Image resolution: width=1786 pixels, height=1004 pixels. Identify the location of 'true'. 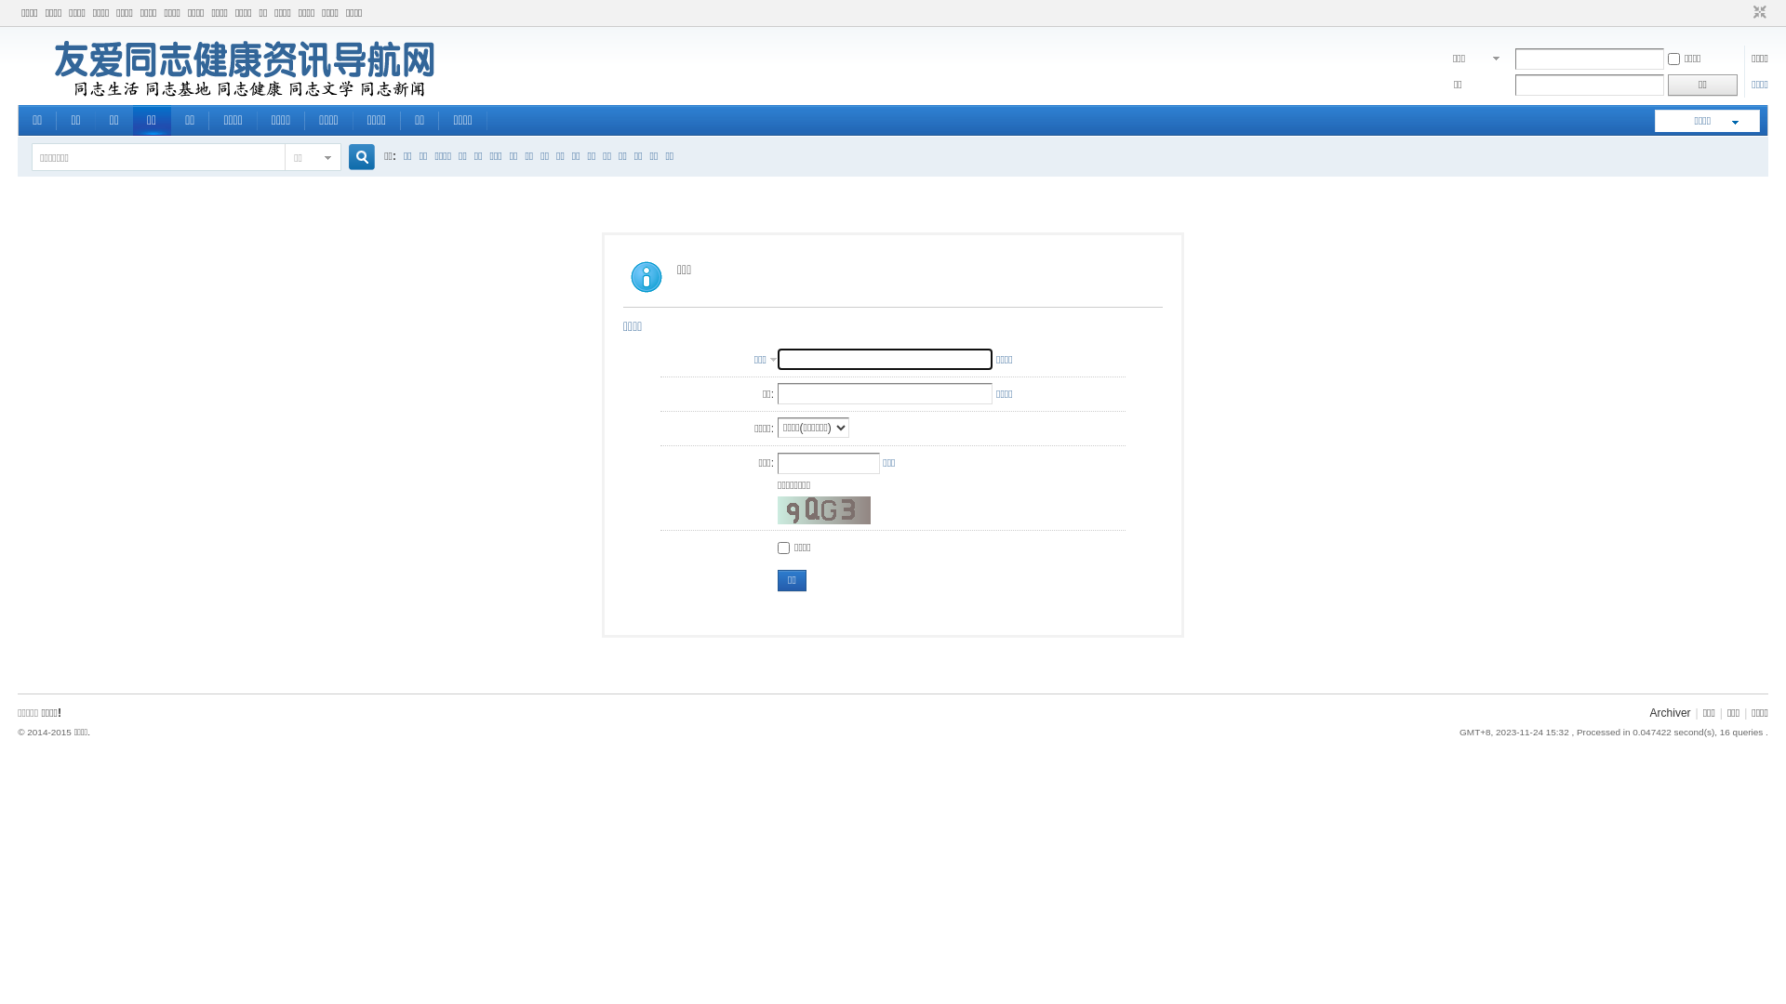
(354, 156).